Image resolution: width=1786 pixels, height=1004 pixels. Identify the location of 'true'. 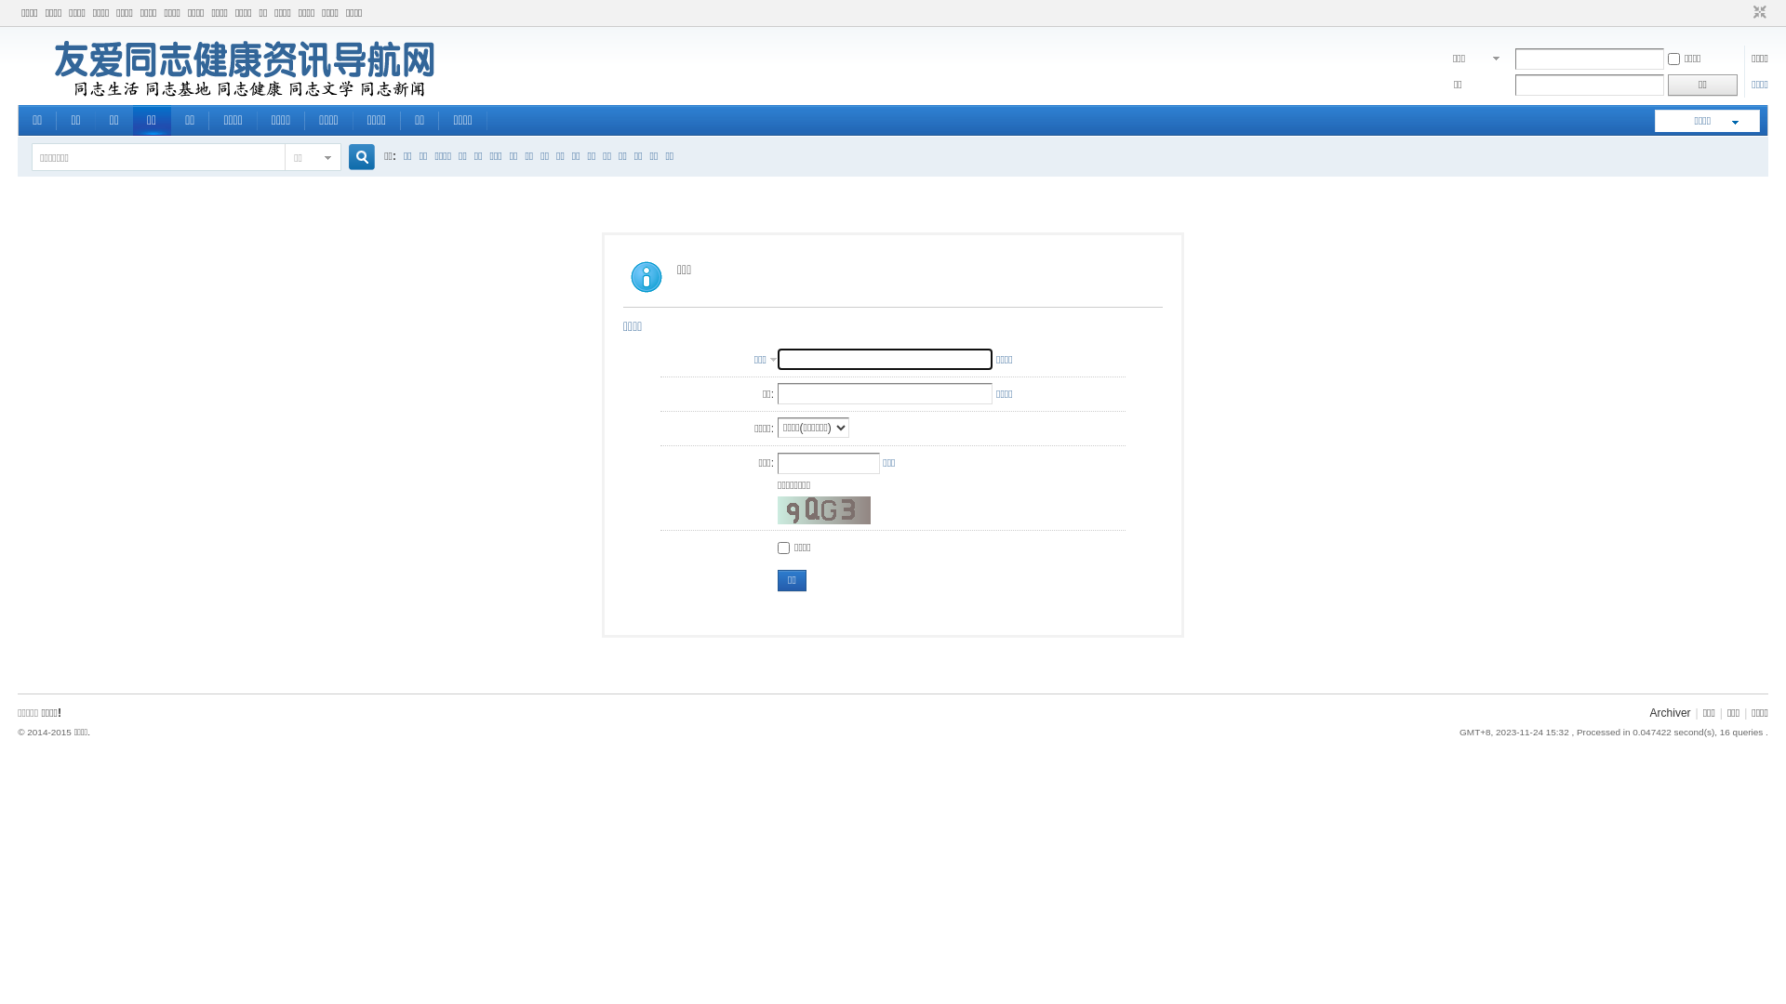
(354, 156).